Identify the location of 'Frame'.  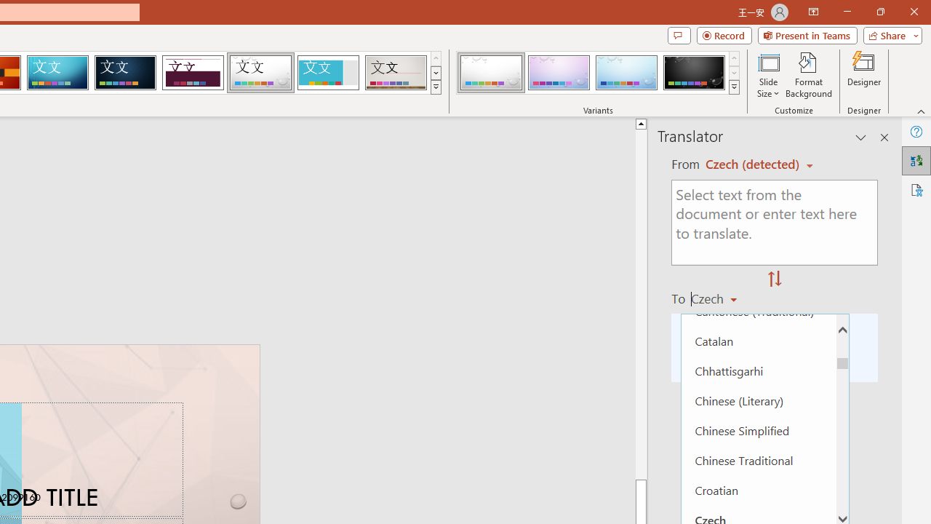
(327, 73).